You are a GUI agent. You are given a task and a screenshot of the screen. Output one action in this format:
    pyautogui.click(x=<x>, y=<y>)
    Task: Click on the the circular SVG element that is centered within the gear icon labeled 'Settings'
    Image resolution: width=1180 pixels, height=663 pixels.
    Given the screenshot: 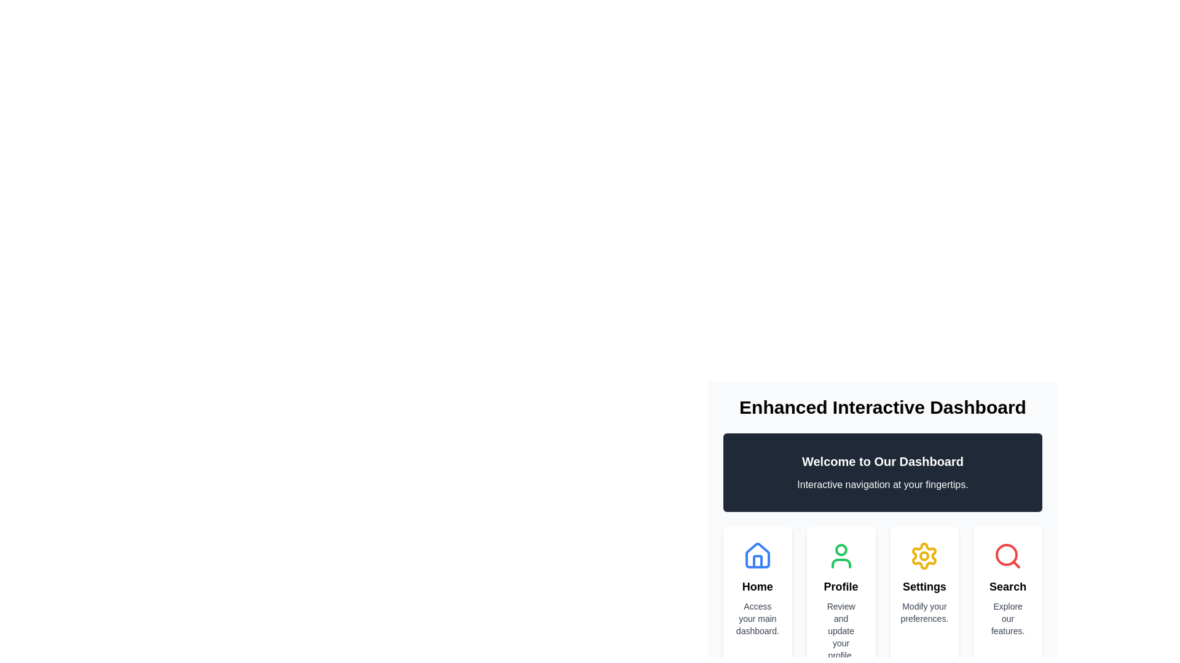 What is the action you would take?
    pyautogui.click(x=924, y=556)
    